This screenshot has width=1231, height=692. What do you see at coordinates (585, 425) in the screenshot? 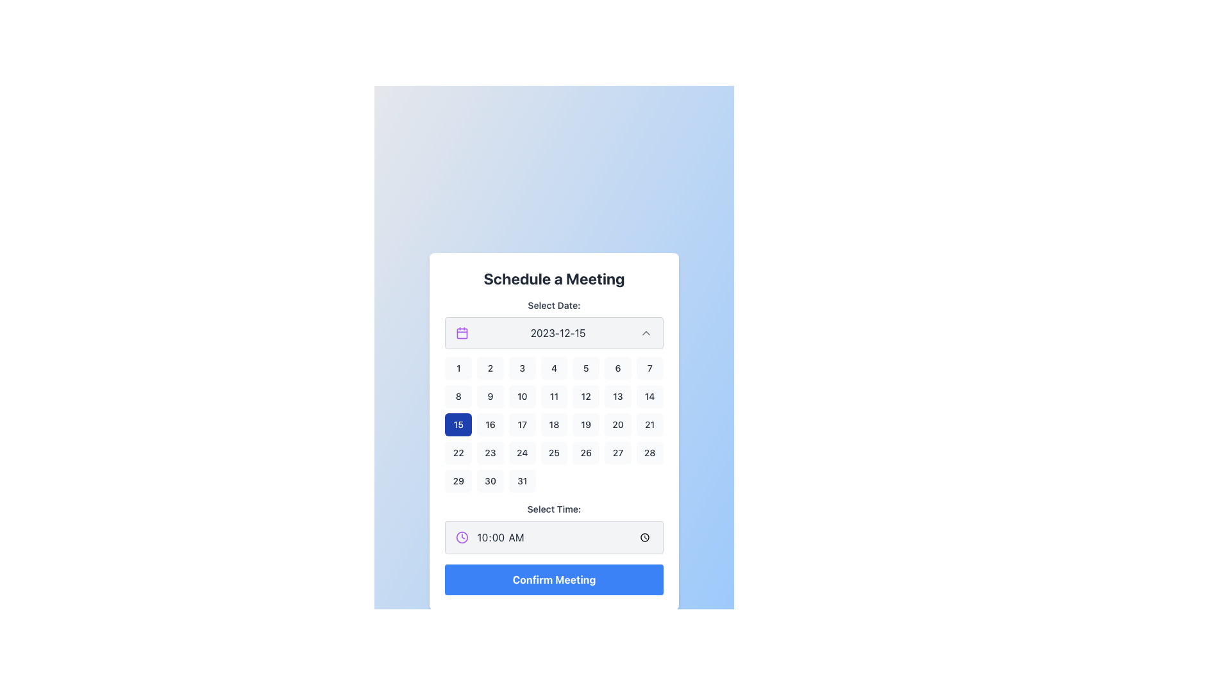
I see `the rounded rectangular button labeled '19', which is located in the fourth row and fifth column of the calendar component` at bounding box center [585, 425].